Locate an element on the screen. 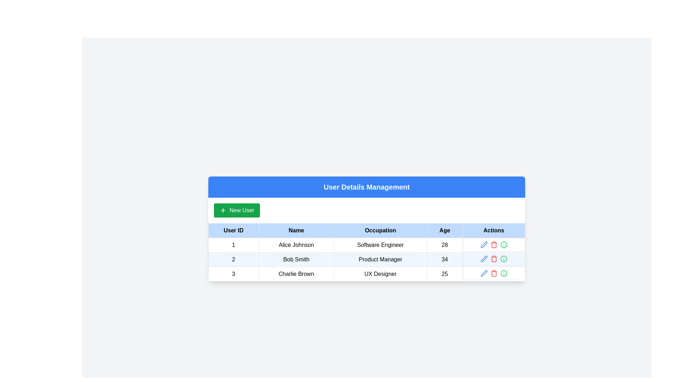  the trash can icon button located in the last row of the table under the 'Actions' column for 'Charlie Brown - UX Designer' to initiate deletion is located at coordinates (493, 273).